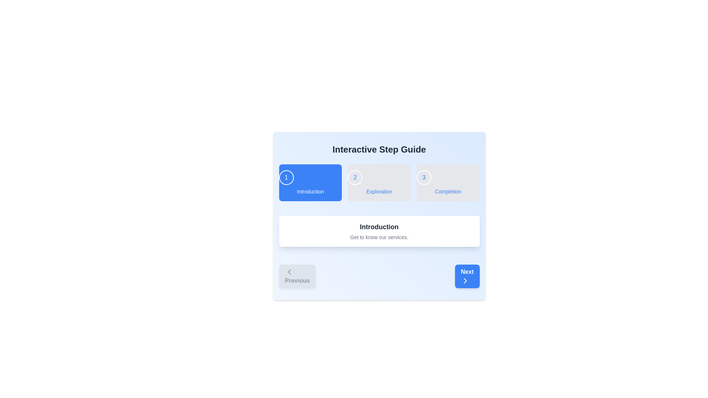  I want to click on the first step indicator button labeled 'Introduction' in the multi-step guide interface, so click(310, 182).